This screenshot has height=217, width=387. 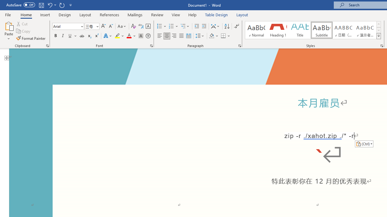 I want to click on 'Action: Paste alternatives', so click(x=364, y=144).